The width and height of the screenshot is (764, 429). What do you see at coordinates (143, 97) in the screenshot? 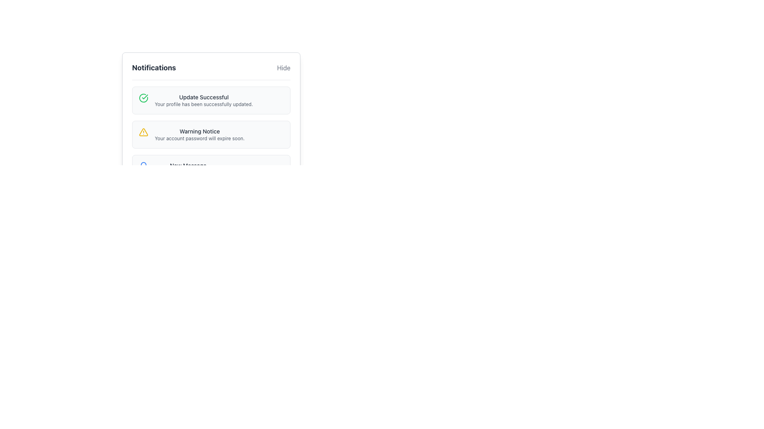
I see `the visual cue provided by the circular green outlined icon with a check mark, which signifies success or confirmation, located to the left of the 'Update Successful' text in the notification list` at bounding box center [143, 97].